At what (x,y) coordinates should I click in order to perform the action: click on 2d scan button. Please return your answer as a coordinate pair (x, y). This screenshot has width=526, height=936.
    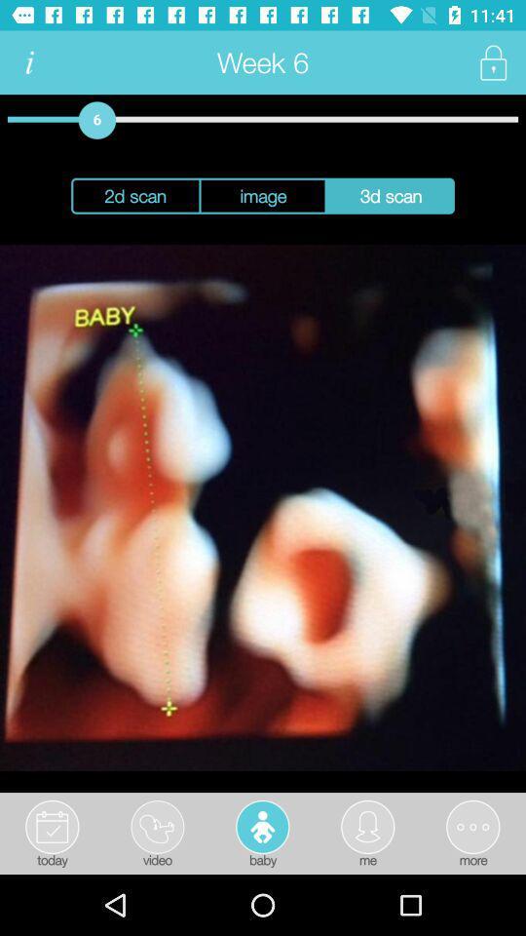
    Looking at the image, I should click on (133, 196).